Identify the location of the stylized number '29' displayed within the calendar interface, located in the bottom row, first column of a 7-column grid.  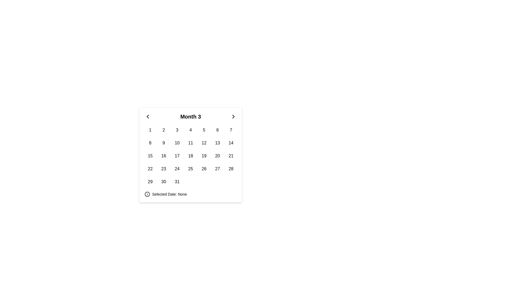
(150, 182).